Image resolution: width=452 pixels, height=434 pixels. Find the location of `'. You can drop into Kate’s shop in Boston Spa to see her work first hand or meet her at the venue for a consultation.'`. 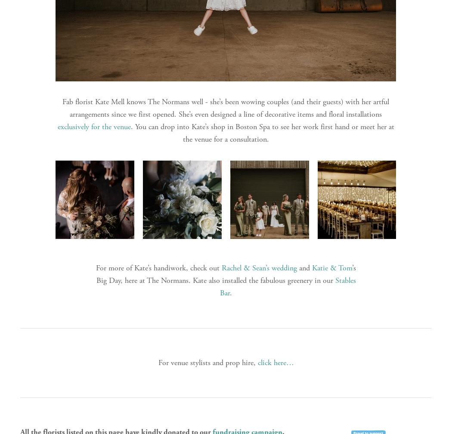

'. You can drop into Kate’s shop in Boston Spa to see her work first hand or meet her at the venue for a consultation.' is located at coordinates (263, 133).